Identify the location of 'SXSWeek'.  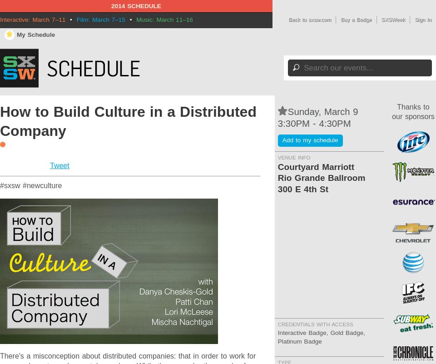
(392, 19).